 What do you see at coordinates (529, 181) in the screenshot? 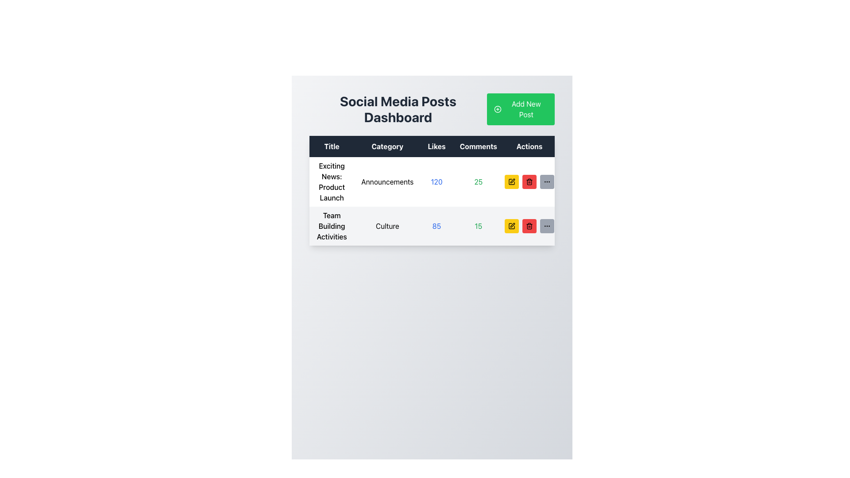
I see `the delete button for the entry 'Exciting News: Product Launch'` at bounding box center [529, 181].